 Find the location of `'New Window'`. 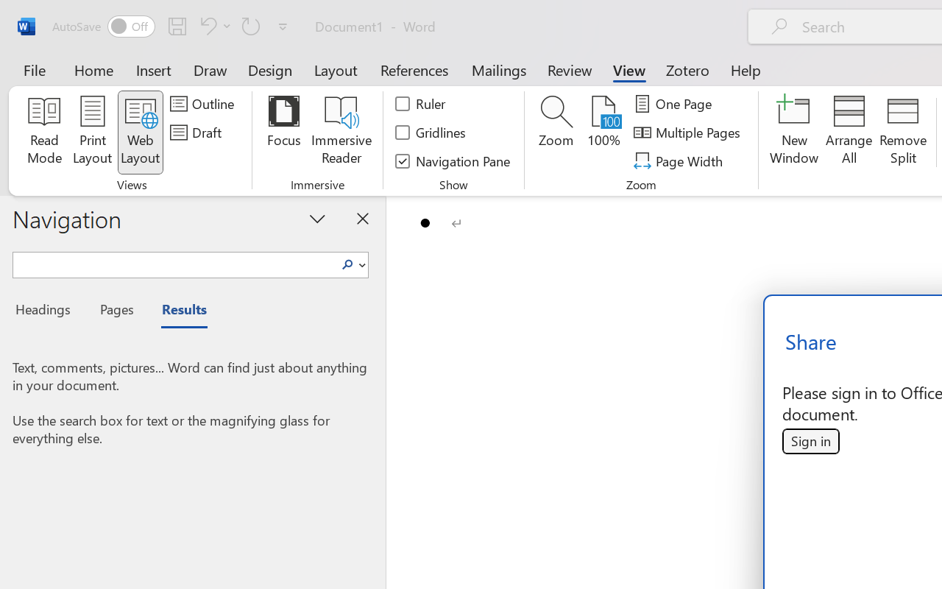

'New Window' is located at coordinates (793, 132).